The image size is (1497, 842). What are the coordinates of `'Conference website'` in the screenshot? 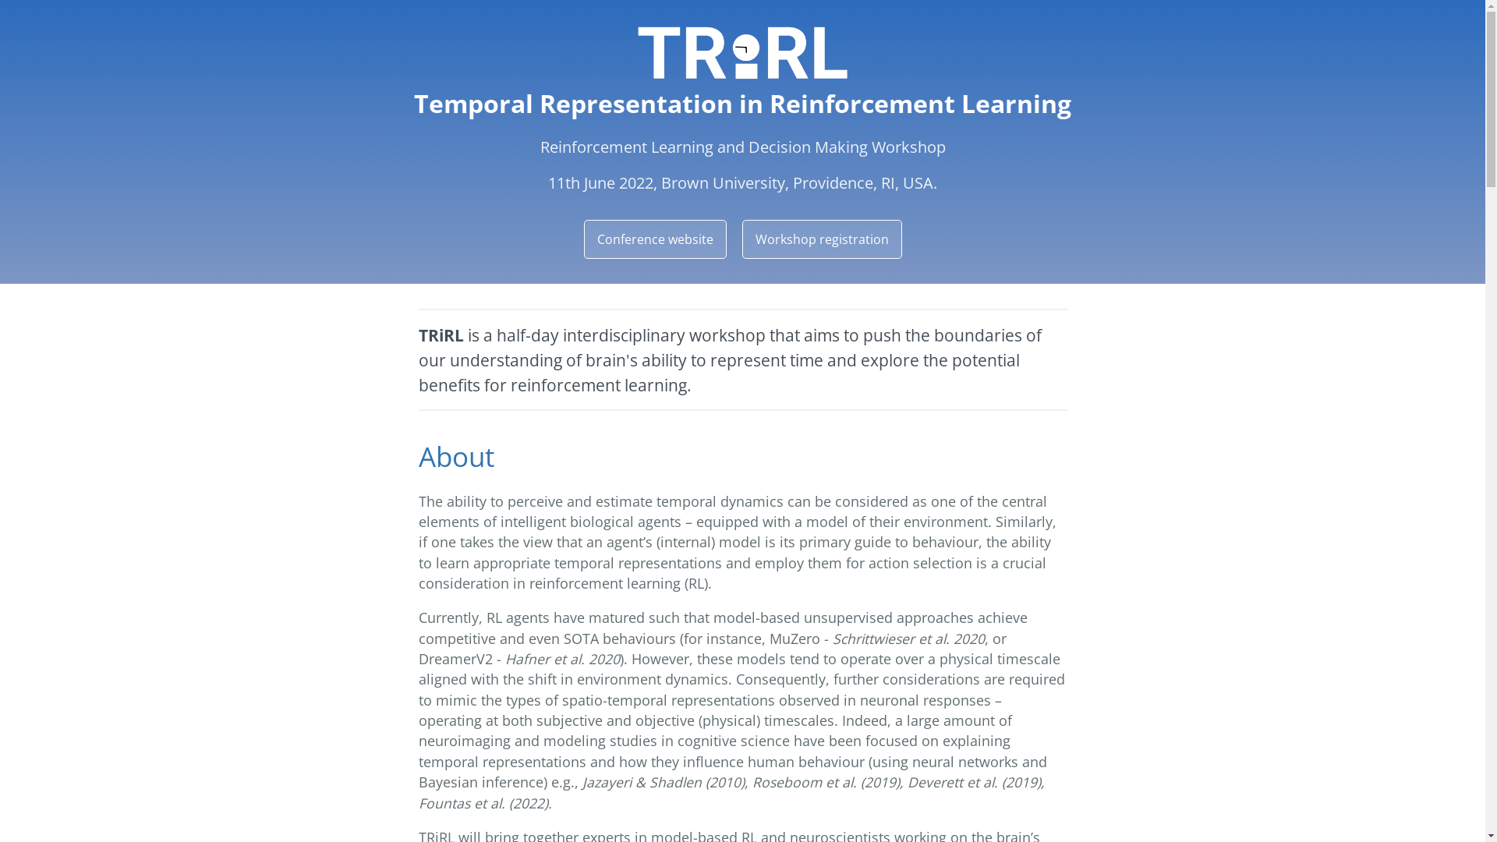 It's located at (654, 239).